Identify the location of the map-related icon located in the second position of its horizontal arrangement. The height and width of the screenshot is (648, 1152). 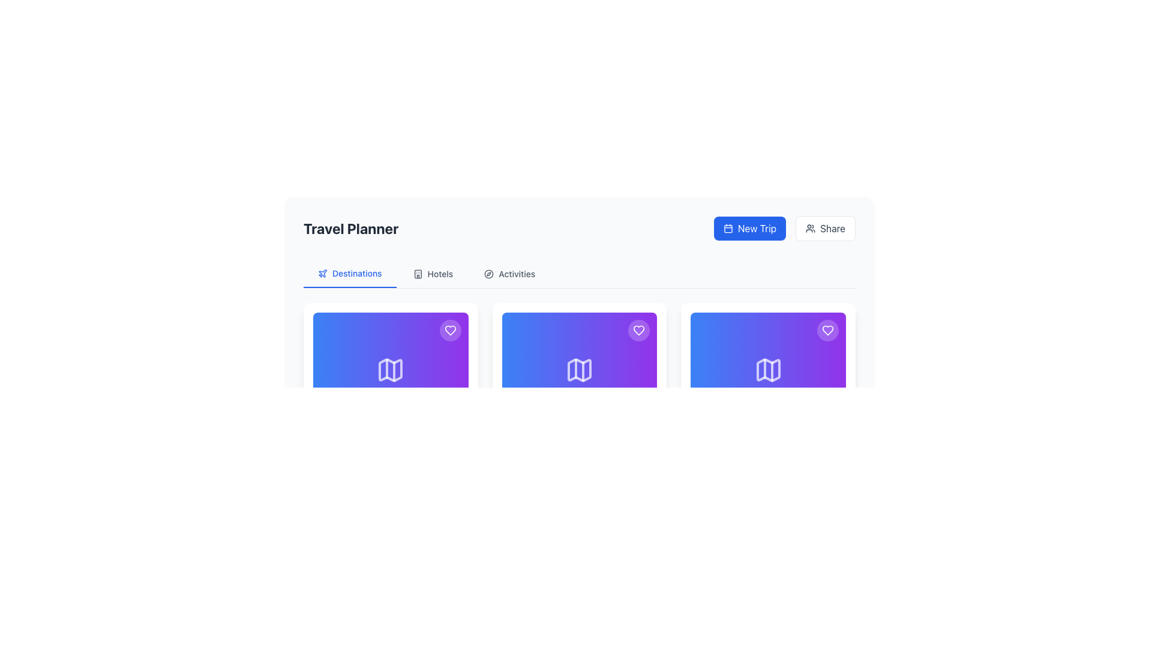
(579, 370).